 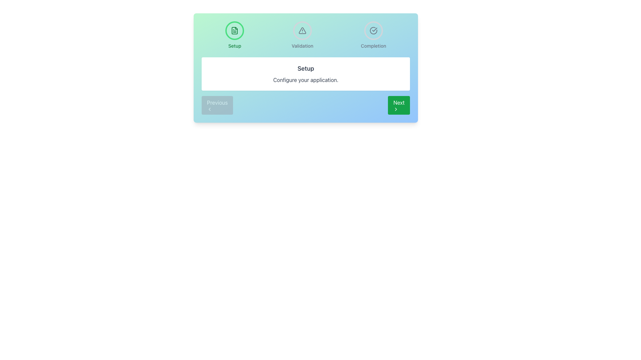 I want to click on the green circular icon labeled 'Setup' located at the top of the page, which displays a document image and a bold text label underneath, so click(x=235, y=35).